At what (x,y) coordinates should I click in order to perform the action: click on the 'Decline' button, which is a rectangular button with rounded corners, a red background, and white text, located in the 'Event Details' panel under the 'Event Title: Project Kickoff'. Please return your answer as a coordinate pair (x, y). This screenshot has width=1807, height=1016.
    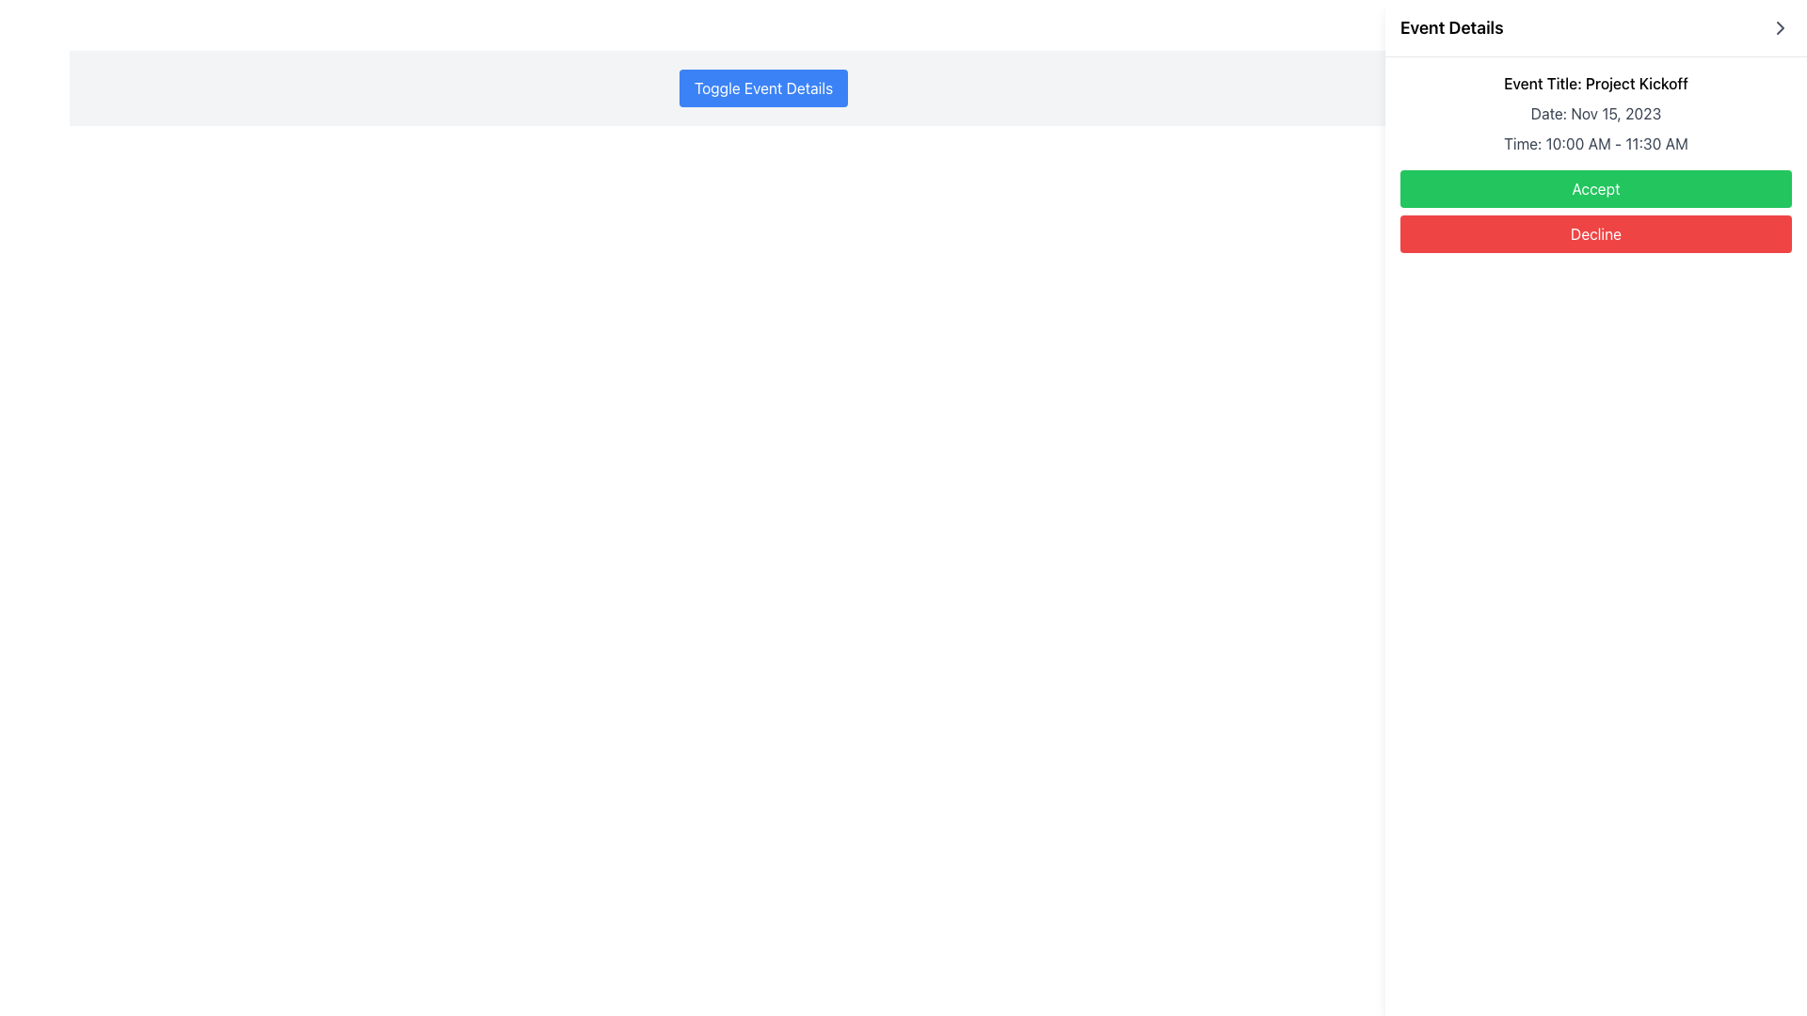
    Looking at the image, I should click on (1594, 233).